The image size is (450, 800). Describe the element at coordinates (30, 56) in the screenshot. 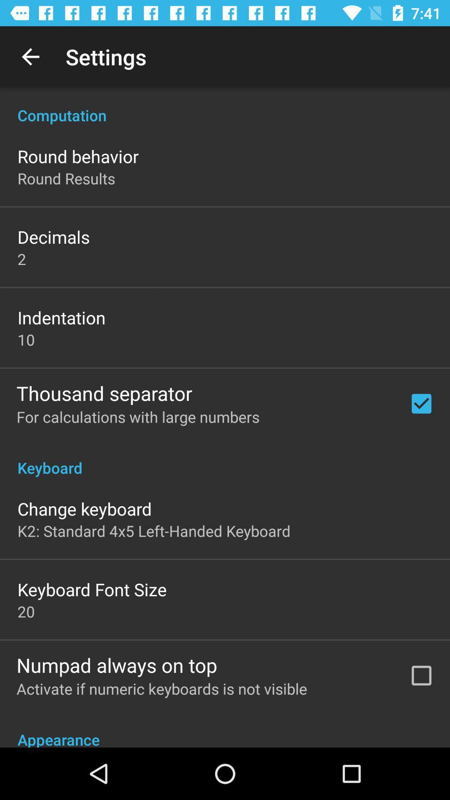

I see `icon next to the settings` at that location.